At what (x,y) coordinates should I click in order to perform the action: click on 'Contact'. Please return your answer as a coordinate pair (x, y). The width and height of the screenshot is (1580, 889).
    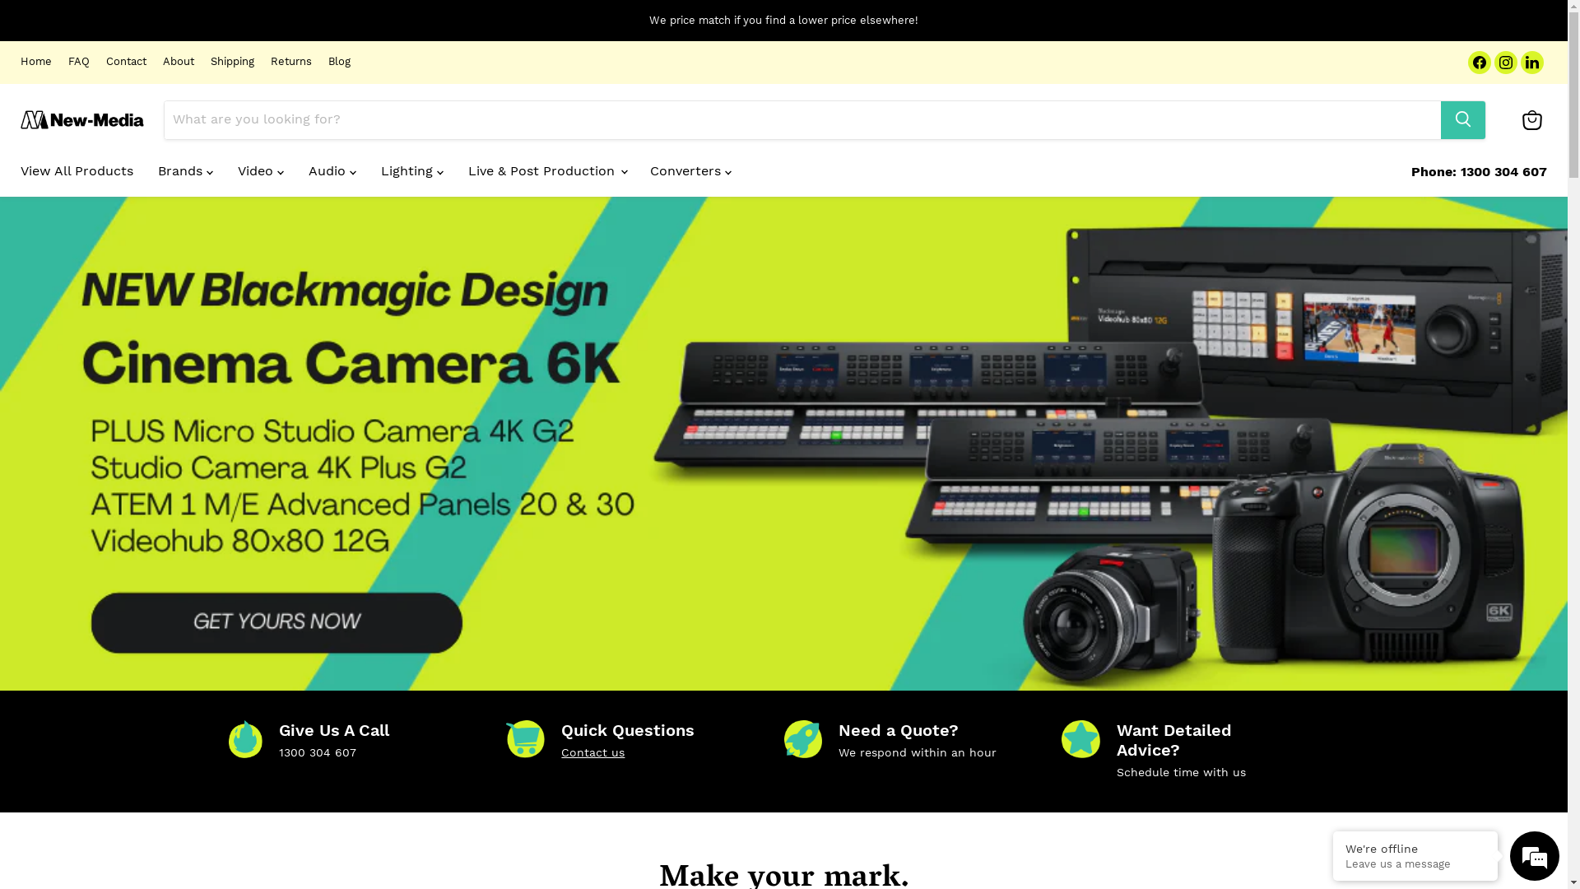
    Looking at the image, I should click on (125, 61).